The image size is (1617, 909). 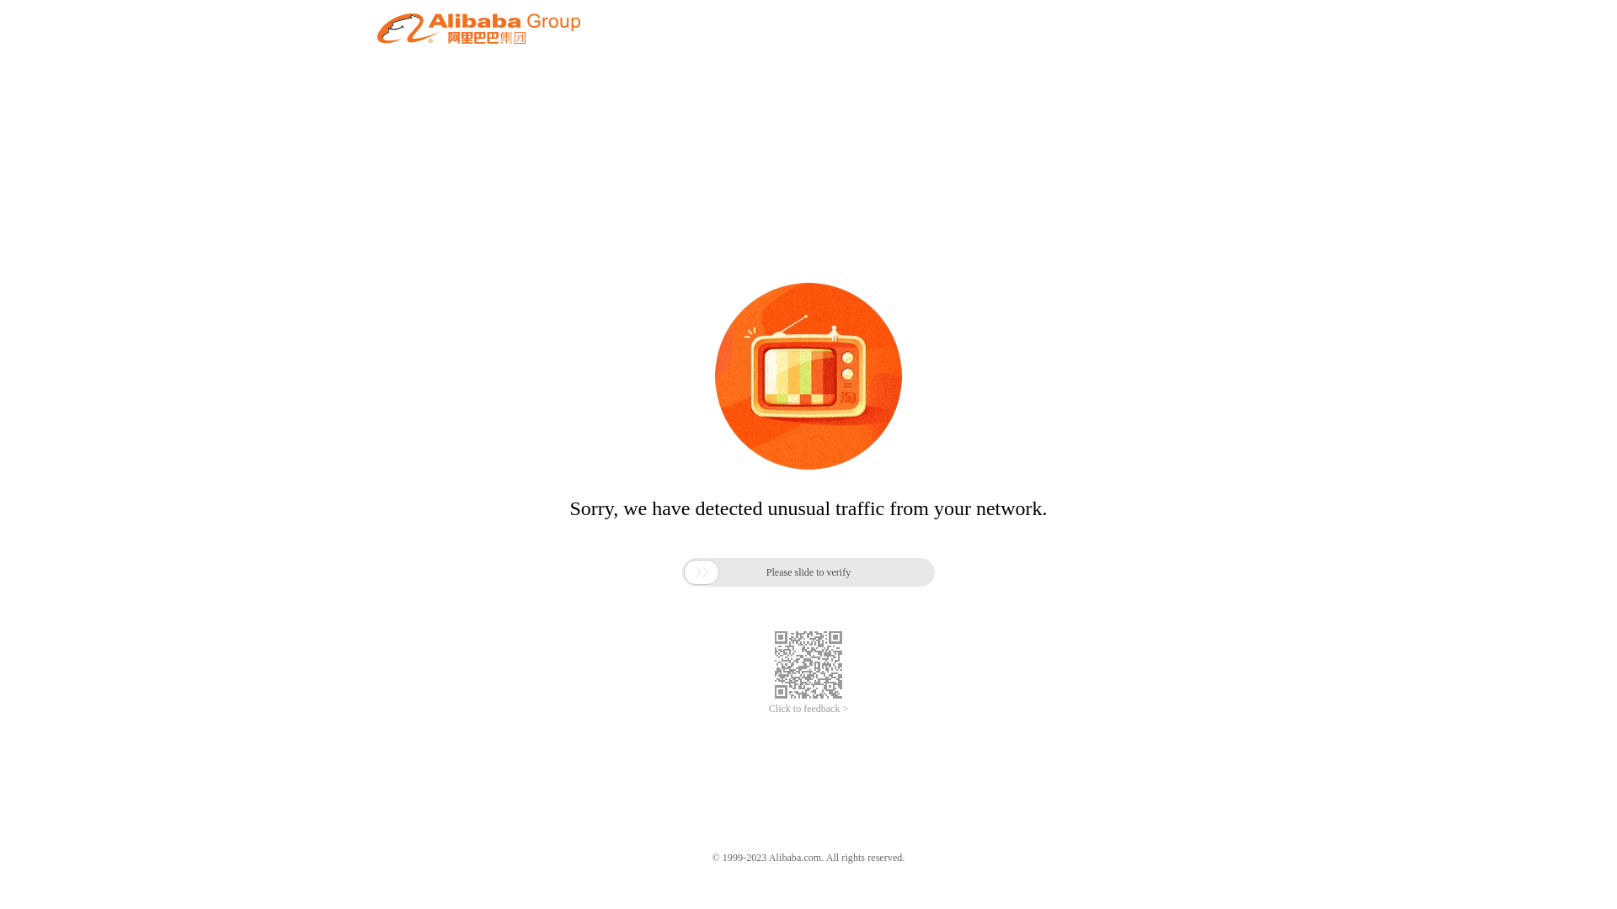 What do you see at coordinates (767, 709) in the screenshot?
I see `'Click to feedback >'` at bounding box center [767, 709].